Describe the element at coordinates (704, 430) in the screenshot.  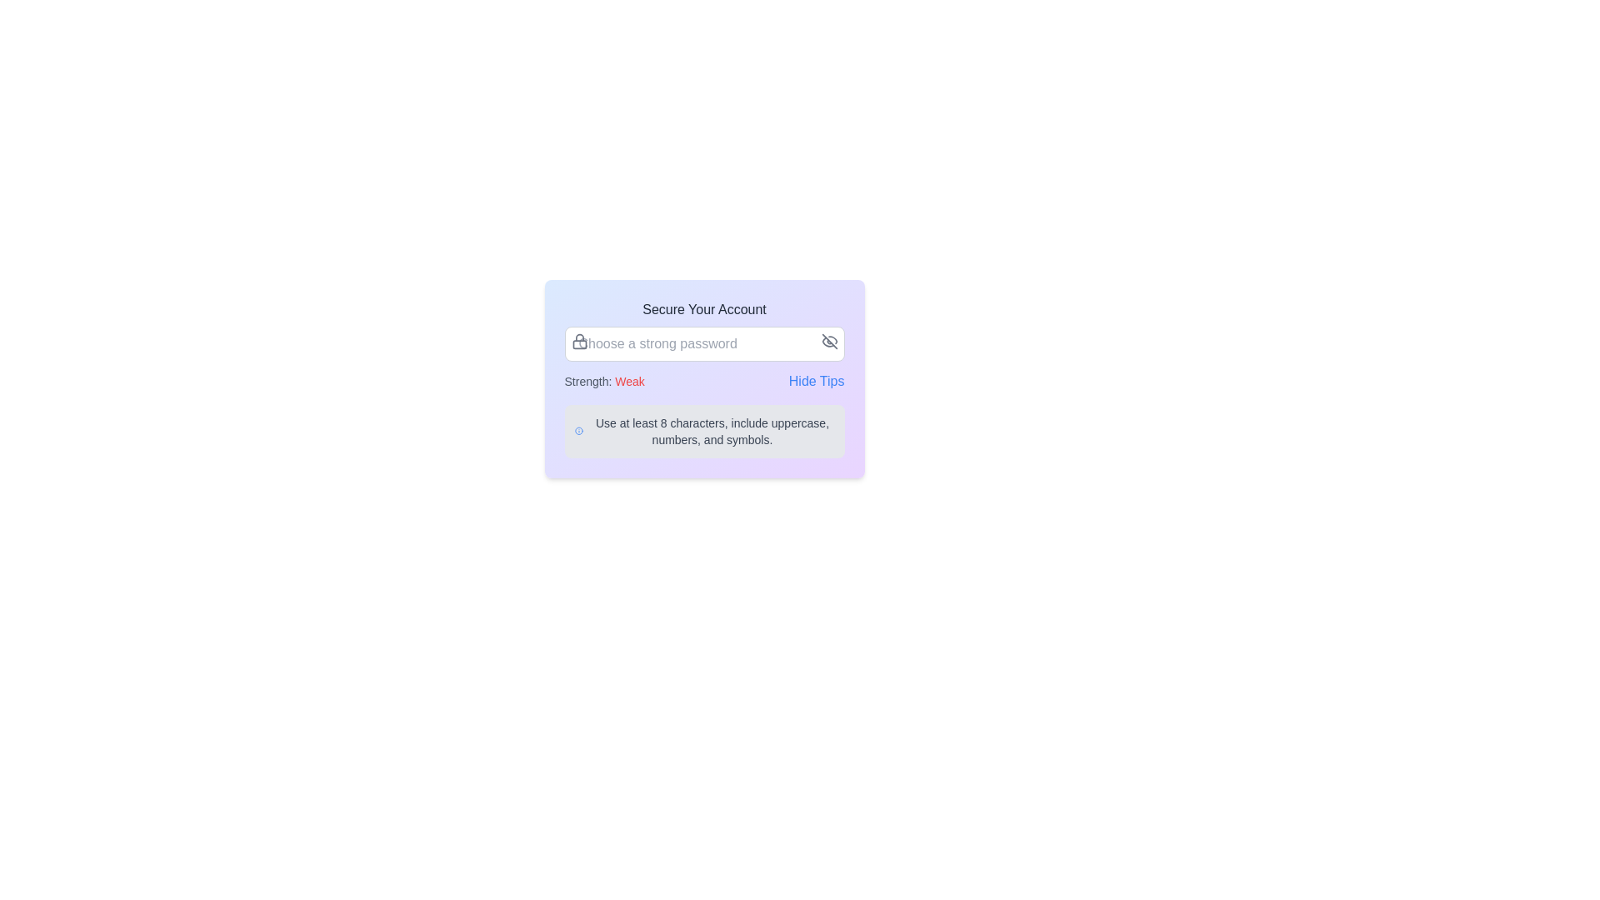
I see `the informational text block with an icon that contains instructional text and follows the password strength indicator line for clarification` at that location.